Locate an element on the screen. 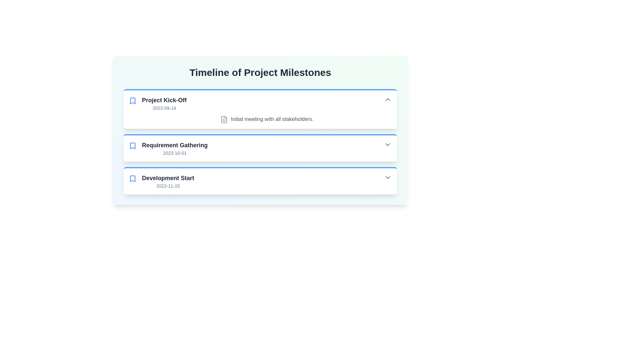 The image size is (631, 355). the bookmark icon located in the second milestone card of the timeline, positioned to the left of the 'Requirement Gathering' label and above its date (2023-10-01) is located at coordinates (132, 145).